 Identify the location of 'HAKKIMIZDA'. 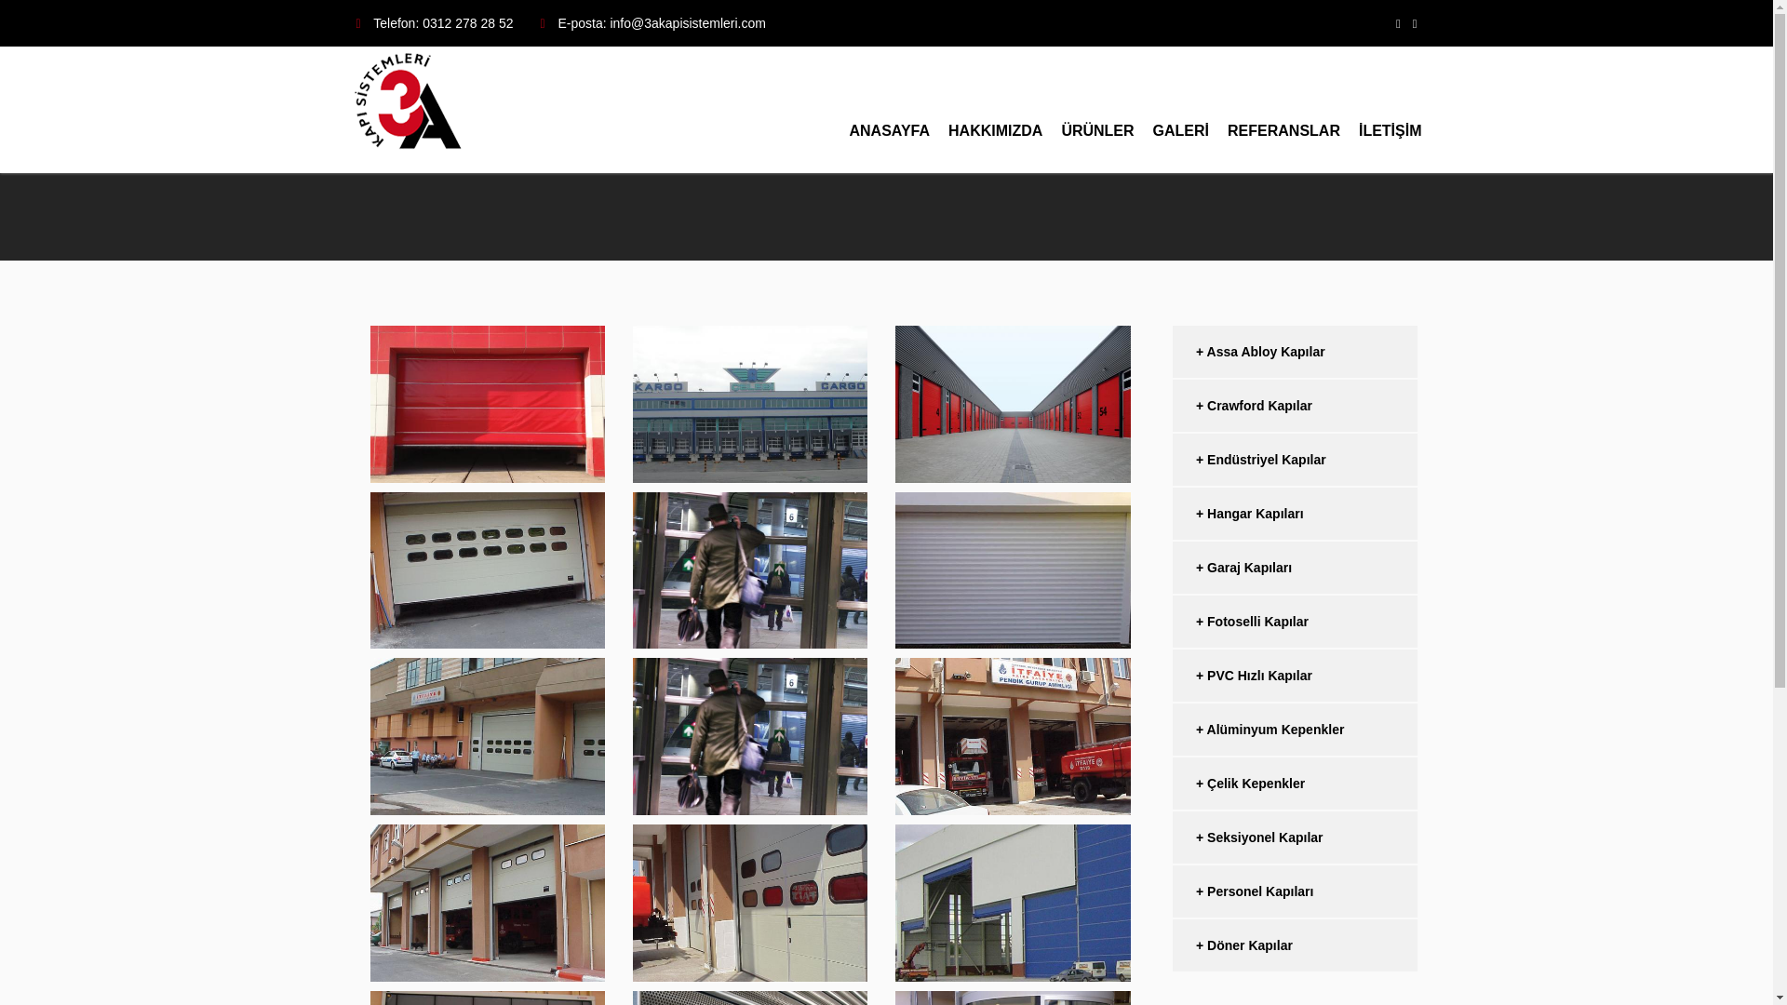
(994, 110).